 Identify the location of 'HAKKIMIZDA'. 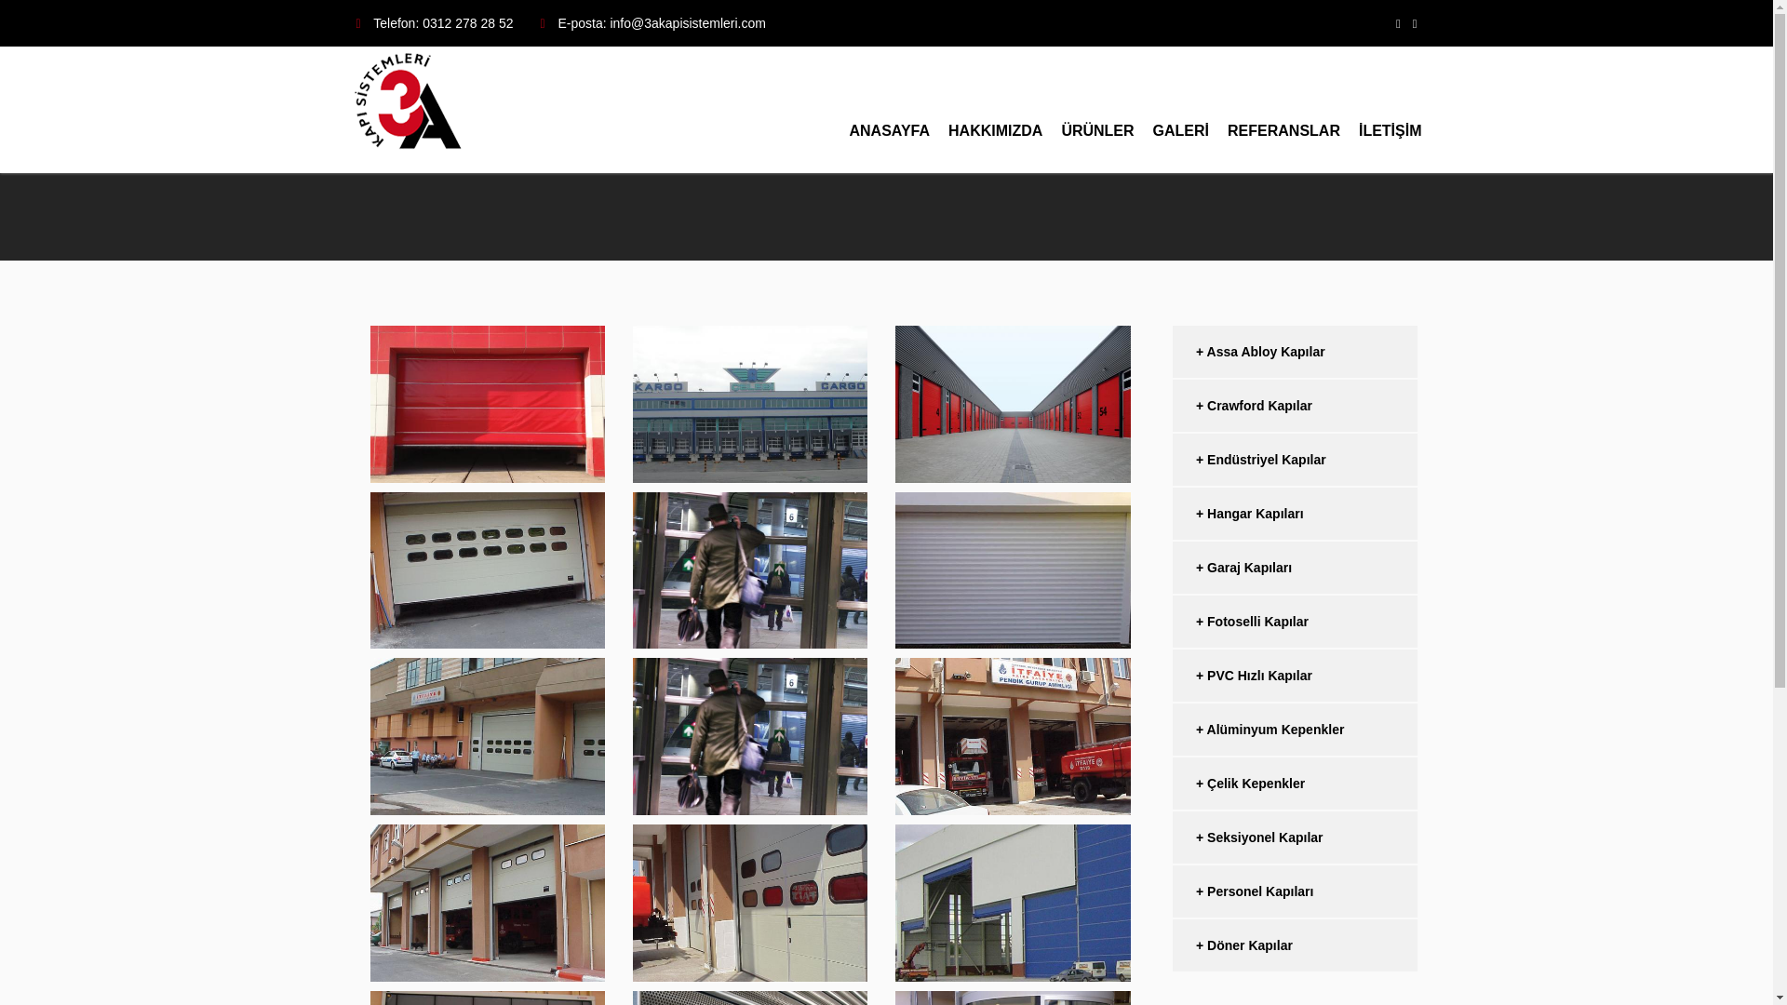
(994, 110).